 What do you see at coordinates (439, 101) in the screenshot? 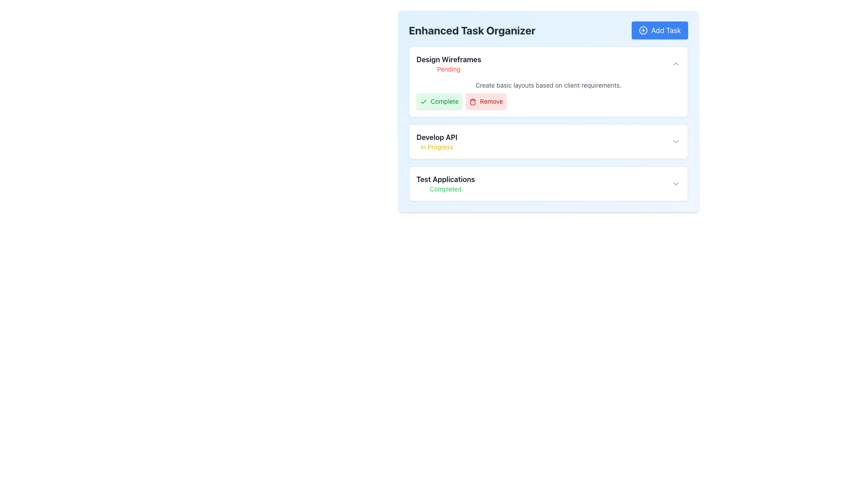
I see `the 'Complete' button with a green background and a check icon, located in the 'Design Wireframes' section of the 'Enhanced Task Organizer'` at bounding box center [439, 101].